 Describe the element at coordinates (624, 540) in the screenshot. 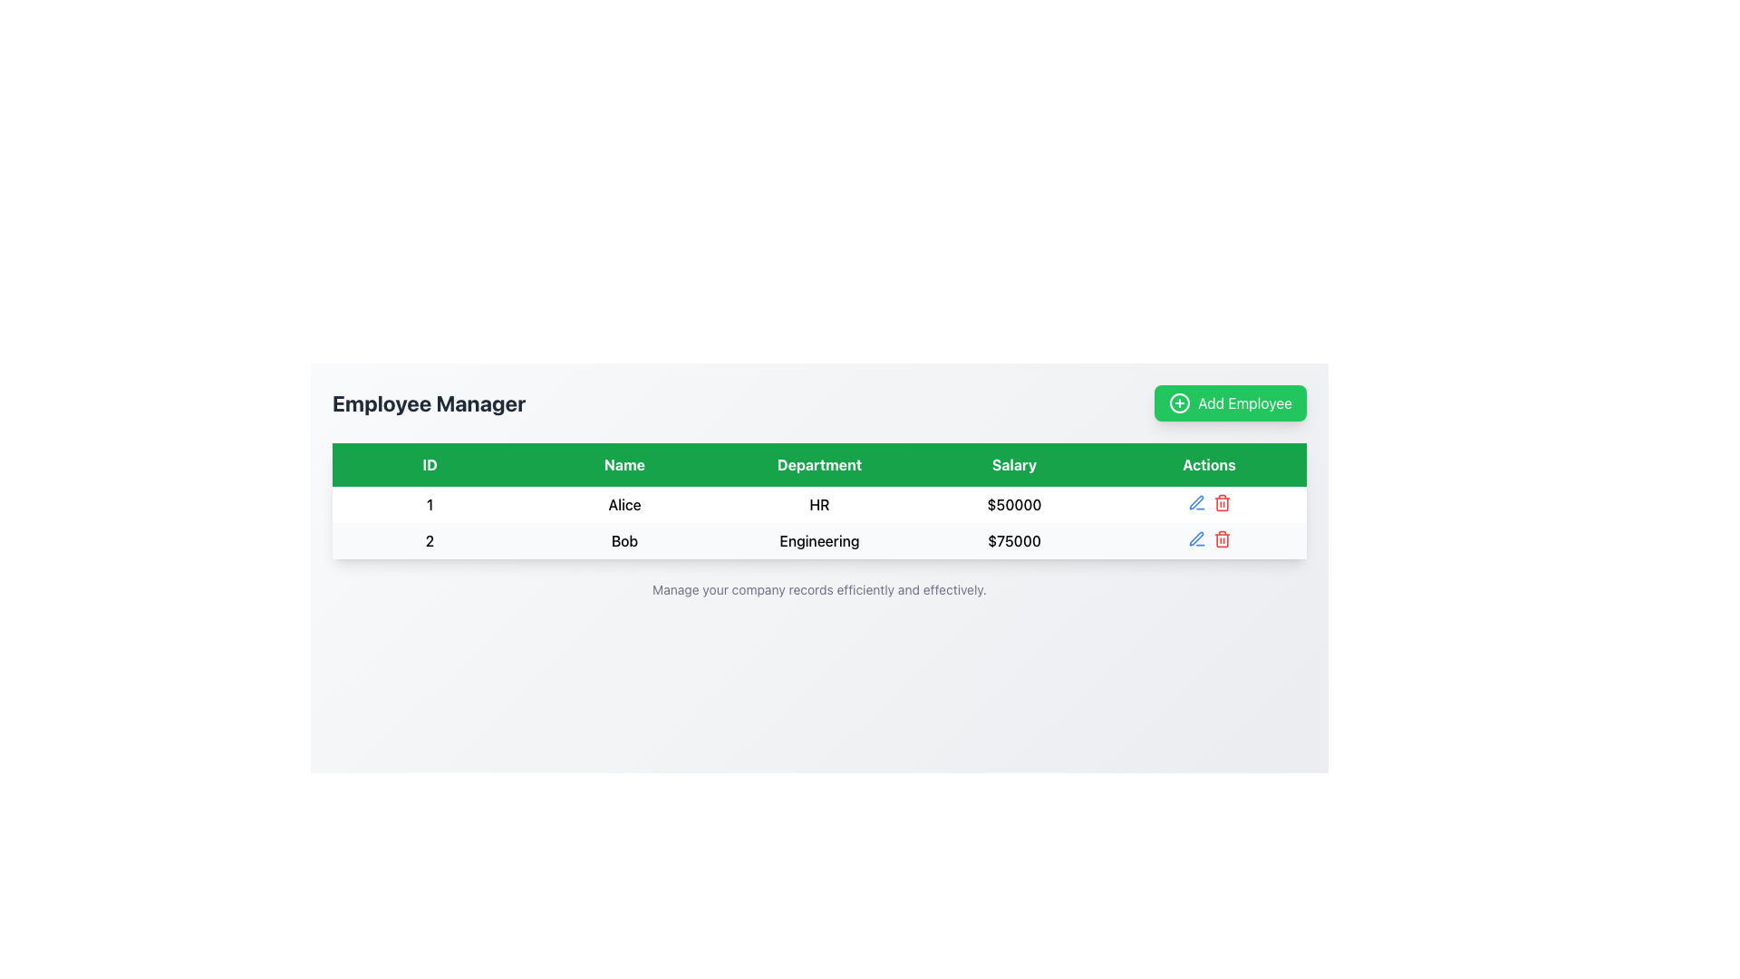

I see `on the static text label displaying 'Bob' located in the second row of the table under the 'Name' column, positioned between '2' in the 'ID' column and 'Engineering' in the 'Department' column` at that location.